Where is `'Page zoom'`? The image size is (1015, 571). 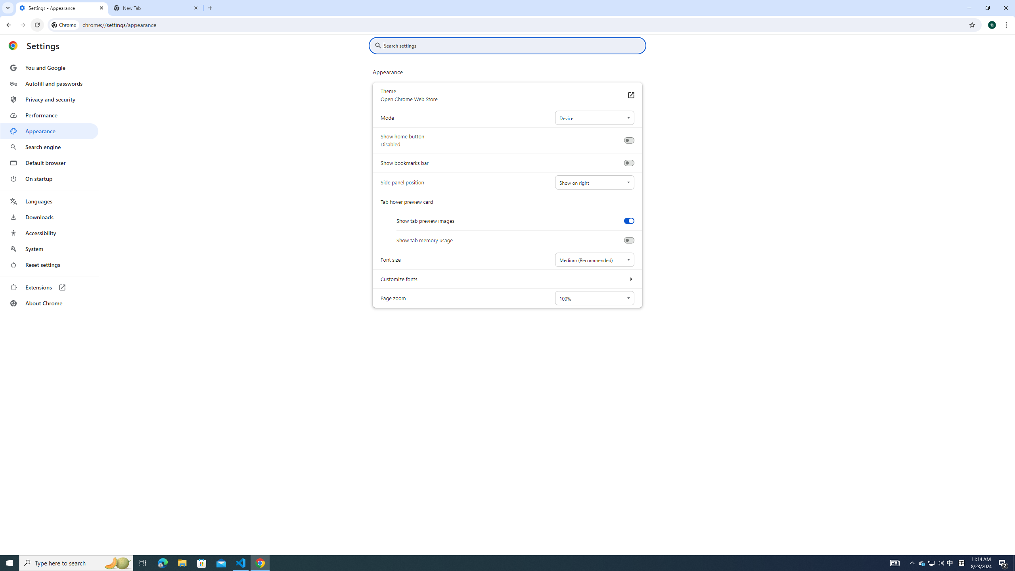 'Page zoom' is located at coordinates (594, 298).